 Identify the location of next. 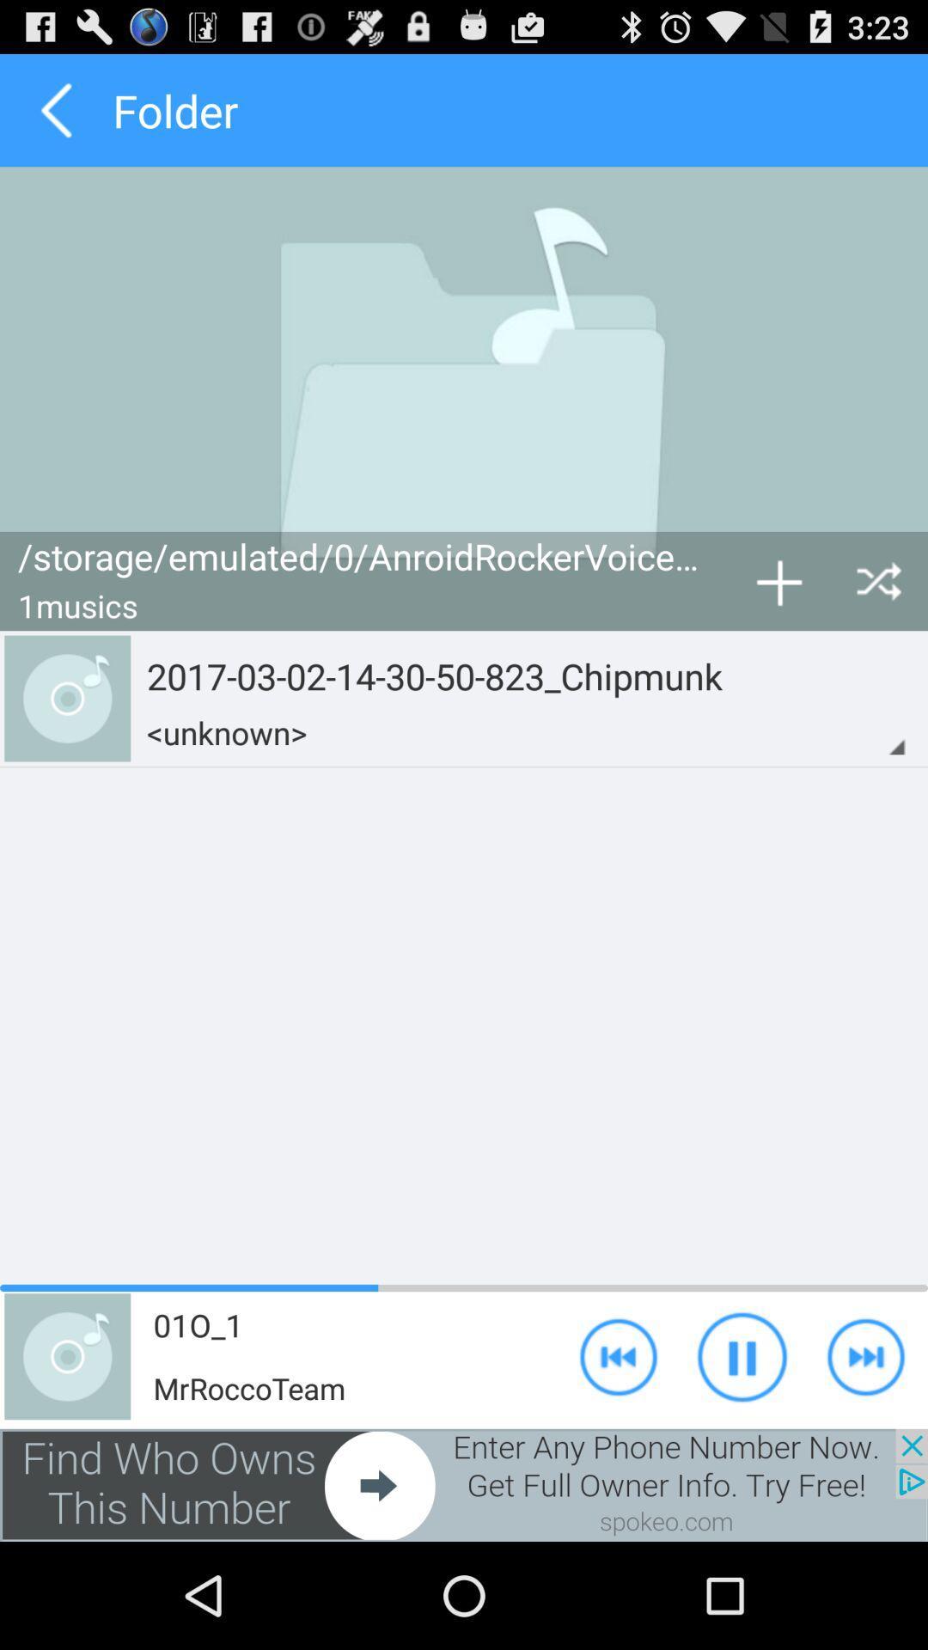
(464, 1484).